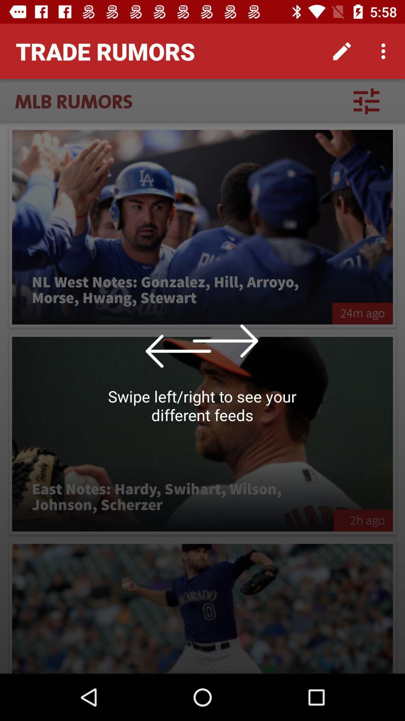  I want to click on icon next to 24m ago icon, so click(172, 290).